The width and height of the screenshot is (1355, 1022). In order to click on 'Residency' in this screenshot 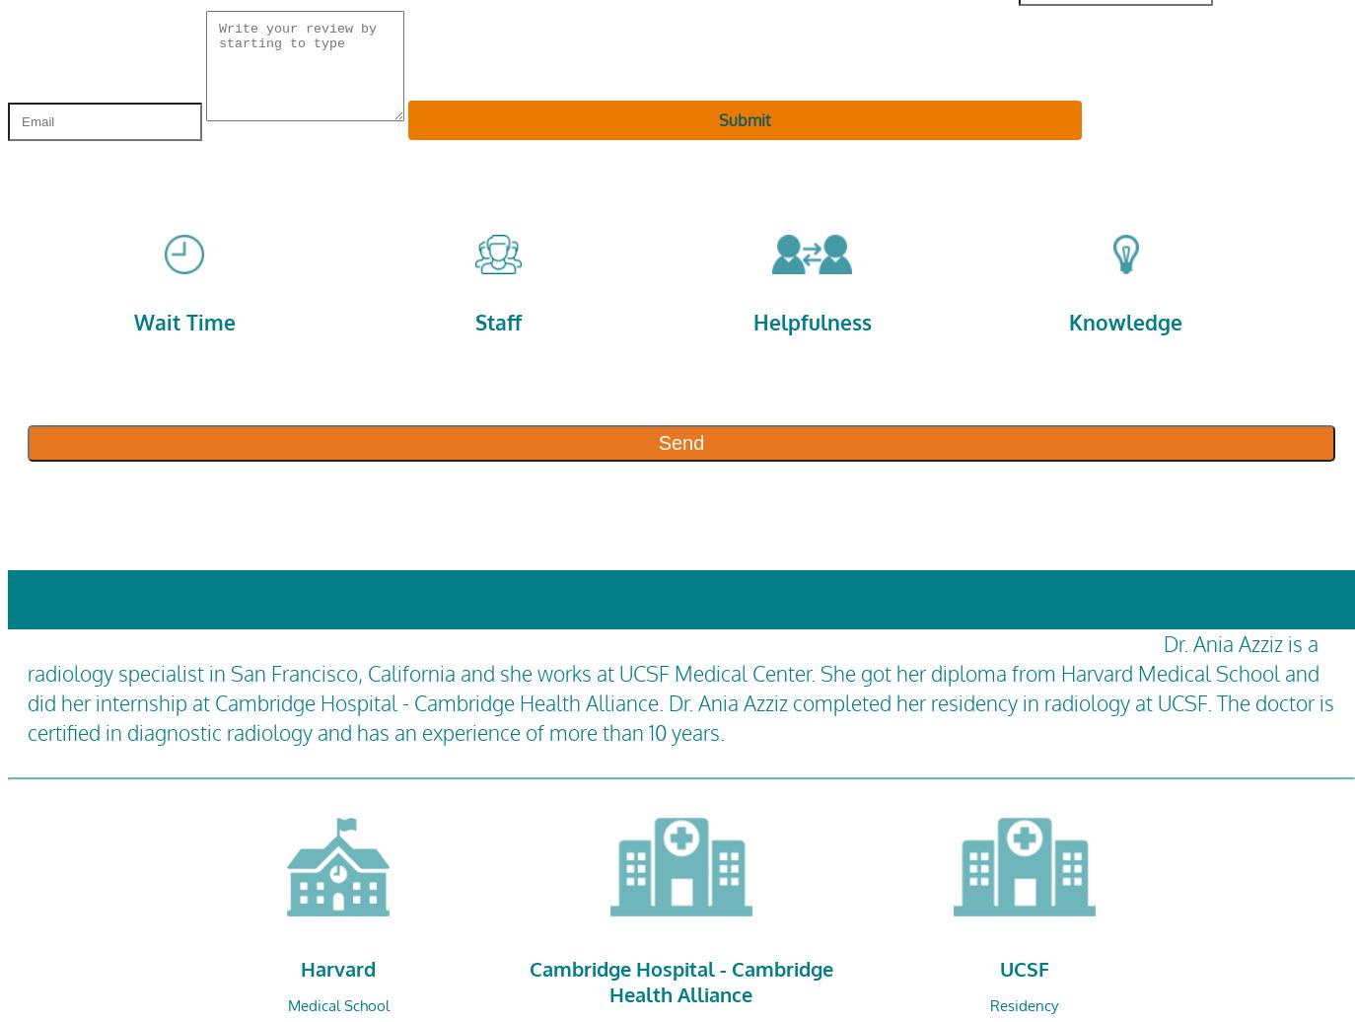, I will do `click(1024, 1004)`.